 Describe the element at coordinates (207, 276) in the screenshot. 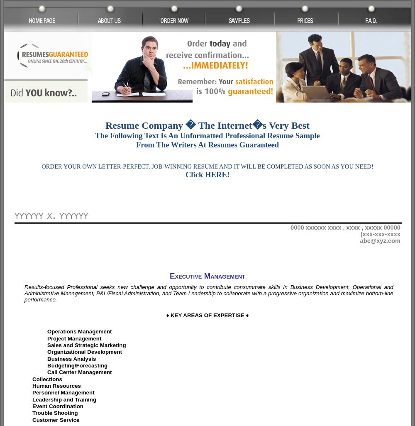

I see `'Executive Management'` at that location.